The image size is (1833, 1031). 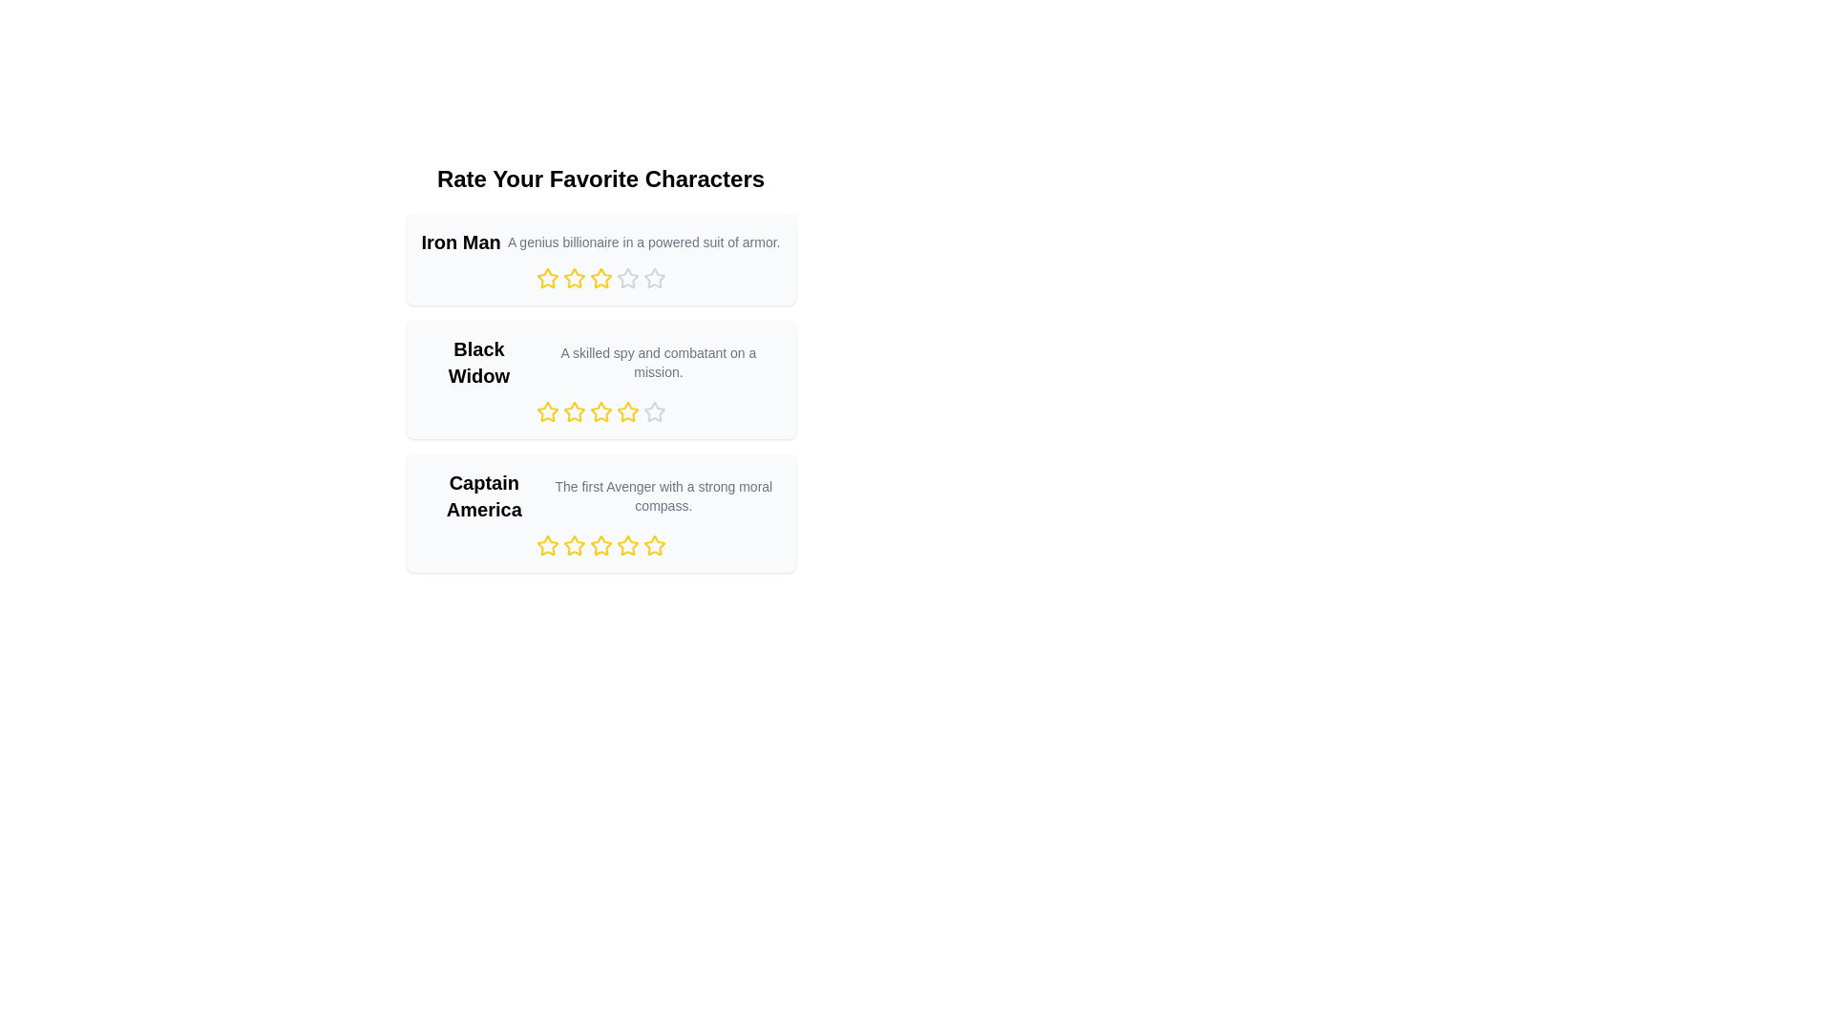 What do you see at coordinates (546, 545) in the screenshot?
I see `the yellow star icon used for rating below the text 'Captain America'` at bounding box center [546, 545].